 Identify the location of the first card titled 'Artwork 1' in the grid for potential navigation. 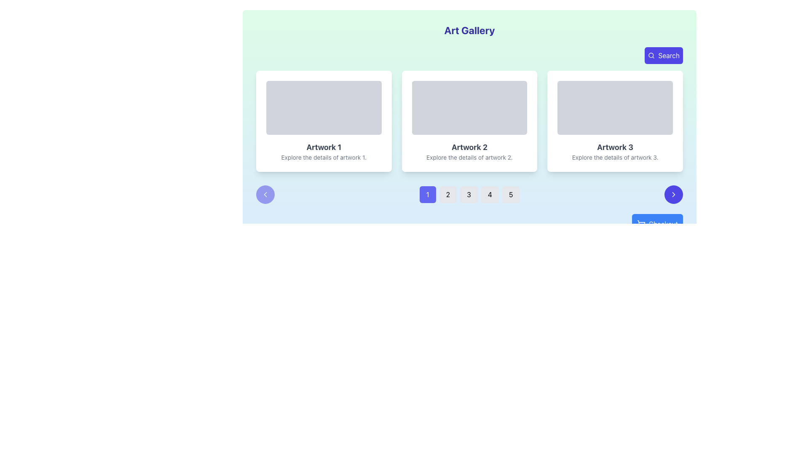
(323, 121).